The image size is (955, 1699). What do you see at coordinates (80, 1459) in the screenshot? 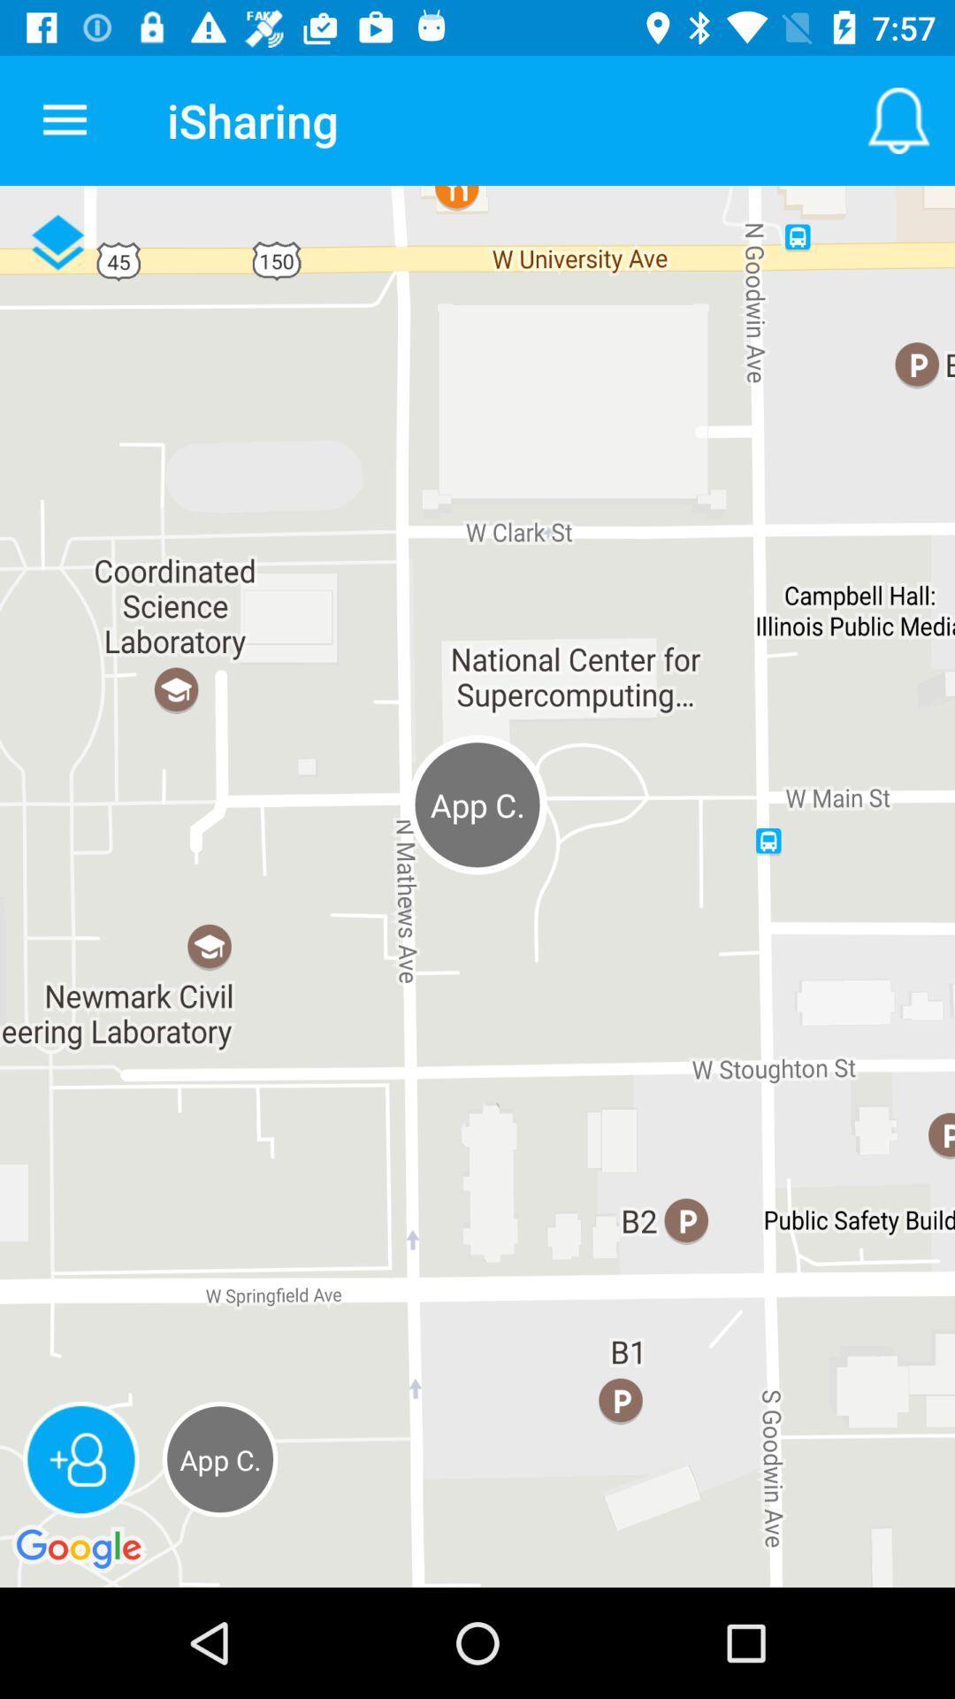
I see `the follow icon` at bounding box center [80, 1459].